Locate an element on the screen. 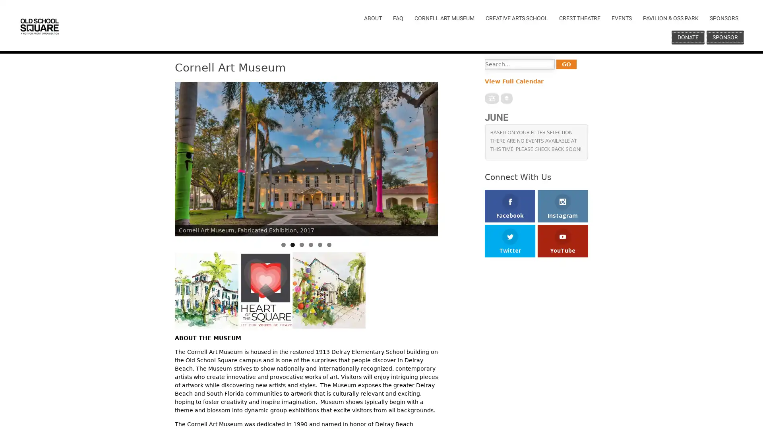 The height and width of the screenshot is (429, 763). GO is located at coordinates (566, 64).